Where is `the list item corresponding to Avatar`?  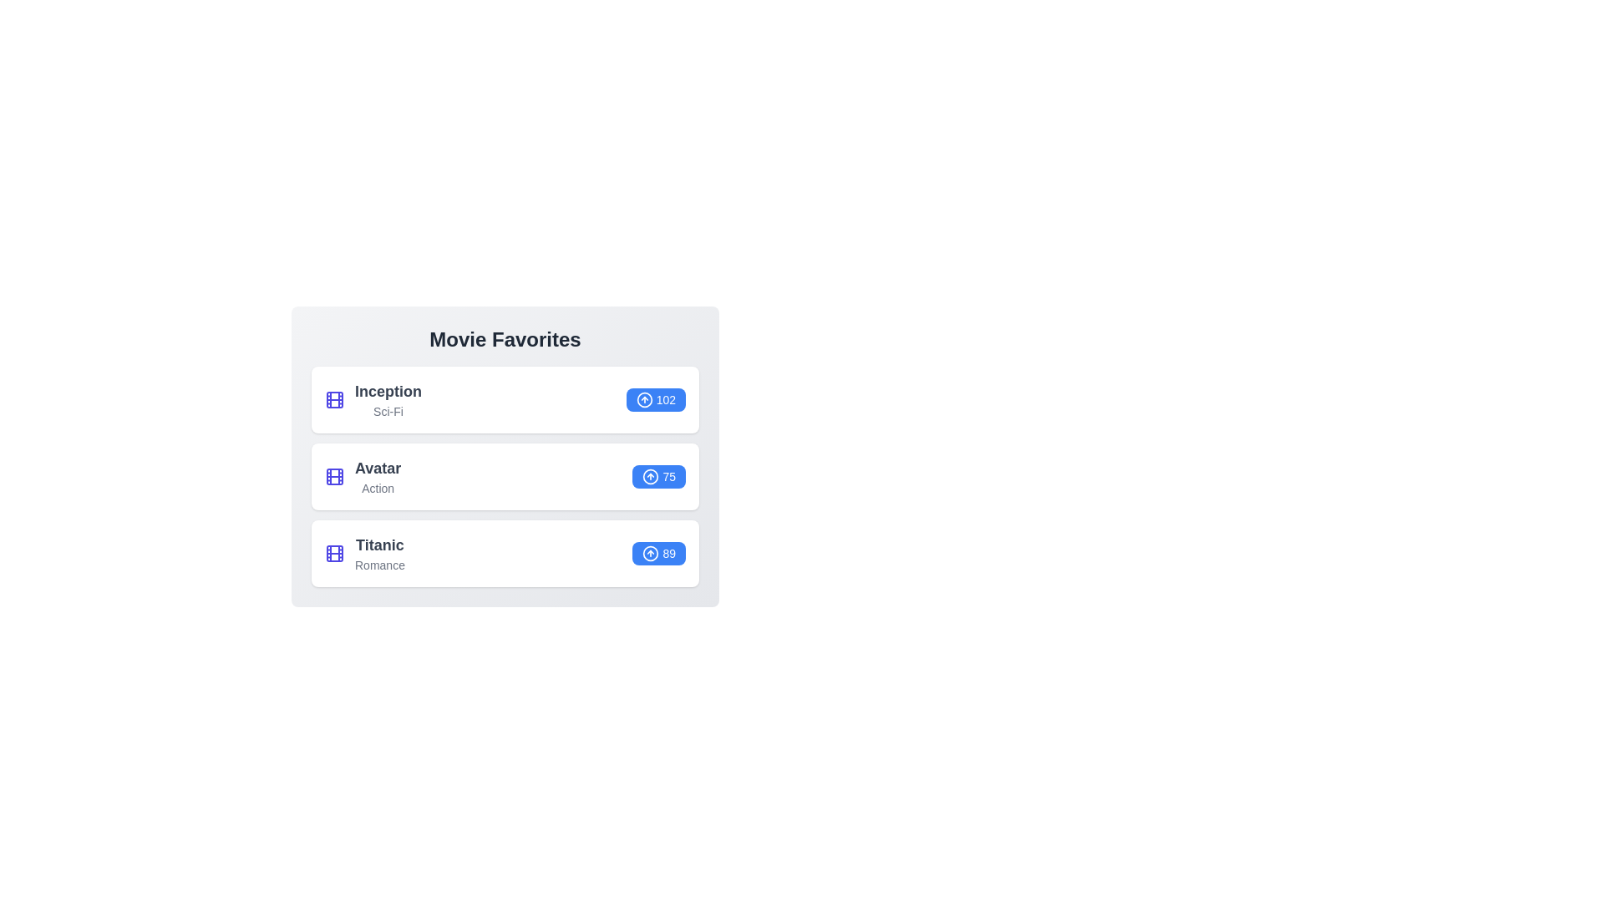
the list item corresponding to Avatar is located at coordinates (504, 476).